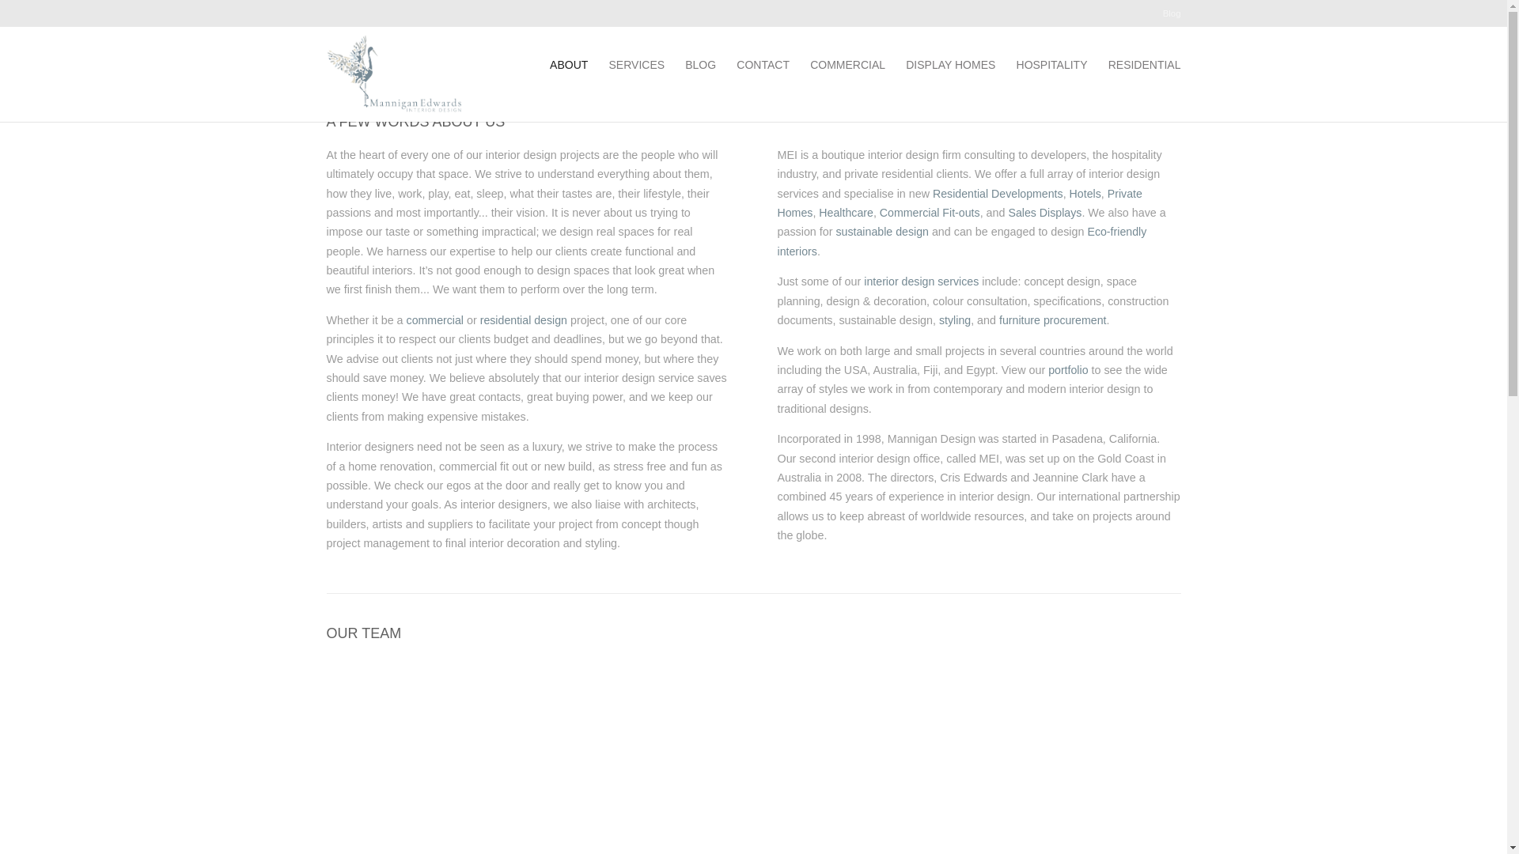 This screenshot has width=1519, height=854. Describe the element at coordinates (809, 63) in the screenshot. I see `'COMMERCIAL'` at that location.